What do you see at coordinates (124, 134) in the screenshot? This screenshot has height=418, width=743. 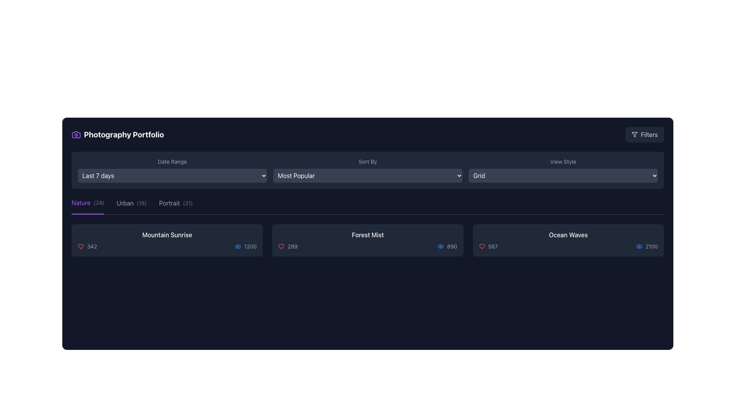 I see `the bold, white text label that reads 'Photography Portfolio', located in the upper-left section of the interface near a purple camera icon` at bounding box center [124, 134].